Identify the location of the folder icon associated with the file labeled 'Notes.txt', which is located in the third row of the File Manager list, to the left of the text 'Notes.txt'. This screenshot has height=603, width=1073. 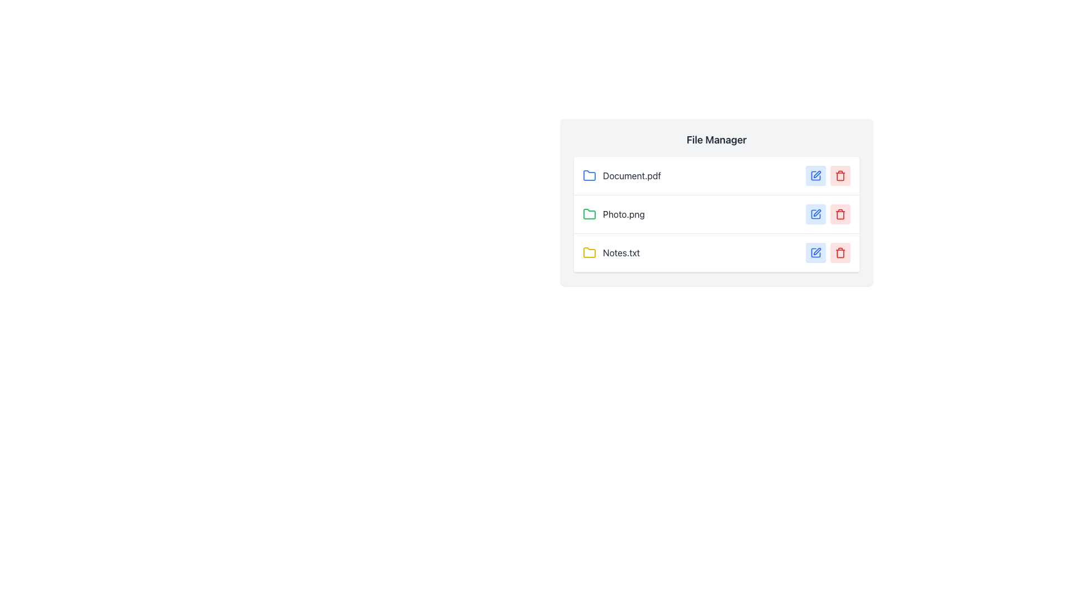
(589, 252).